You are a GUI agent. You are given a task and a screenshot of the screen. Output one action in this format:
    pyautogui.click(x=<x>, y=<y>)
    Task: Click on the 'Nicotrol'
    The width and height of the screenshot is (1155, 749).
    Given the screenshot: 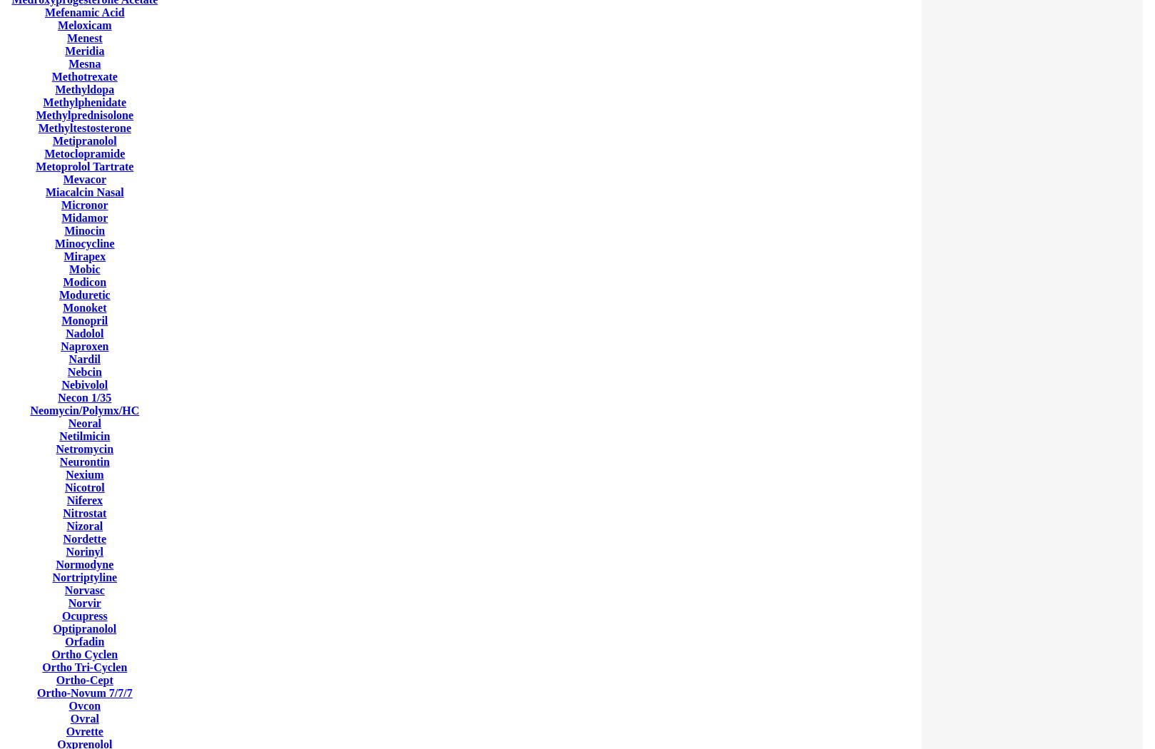 What is the action you would take?
    pyautogui.click(x=84, y=487)
    